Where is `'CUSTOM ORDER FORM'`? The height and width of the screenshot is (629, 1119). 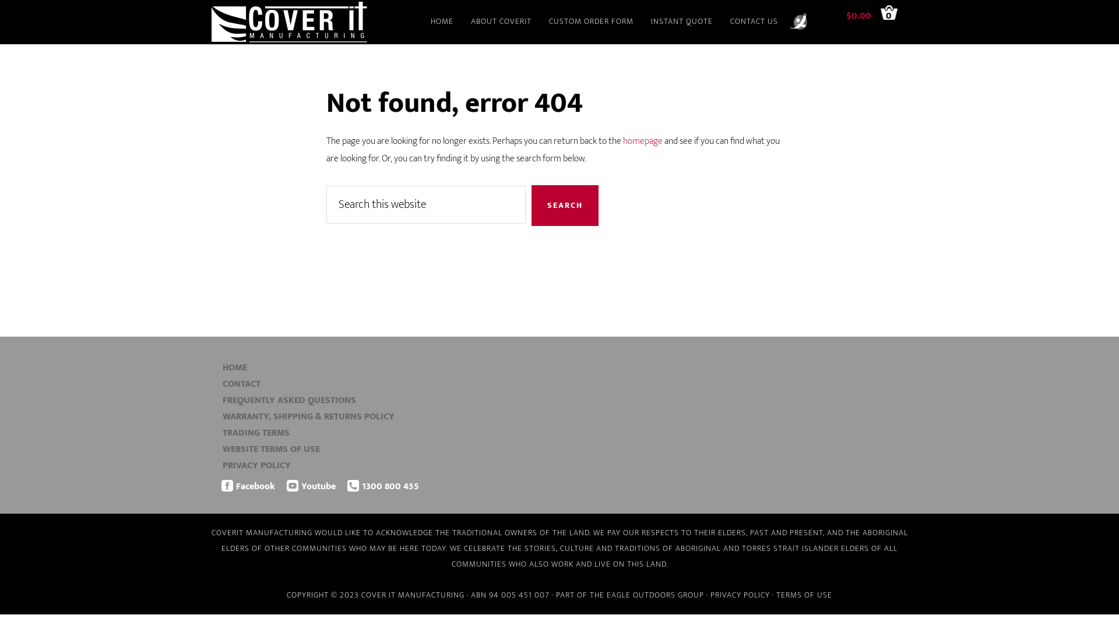
'CUSTOM ORDER FORM' is located at coordinates (591, 22).